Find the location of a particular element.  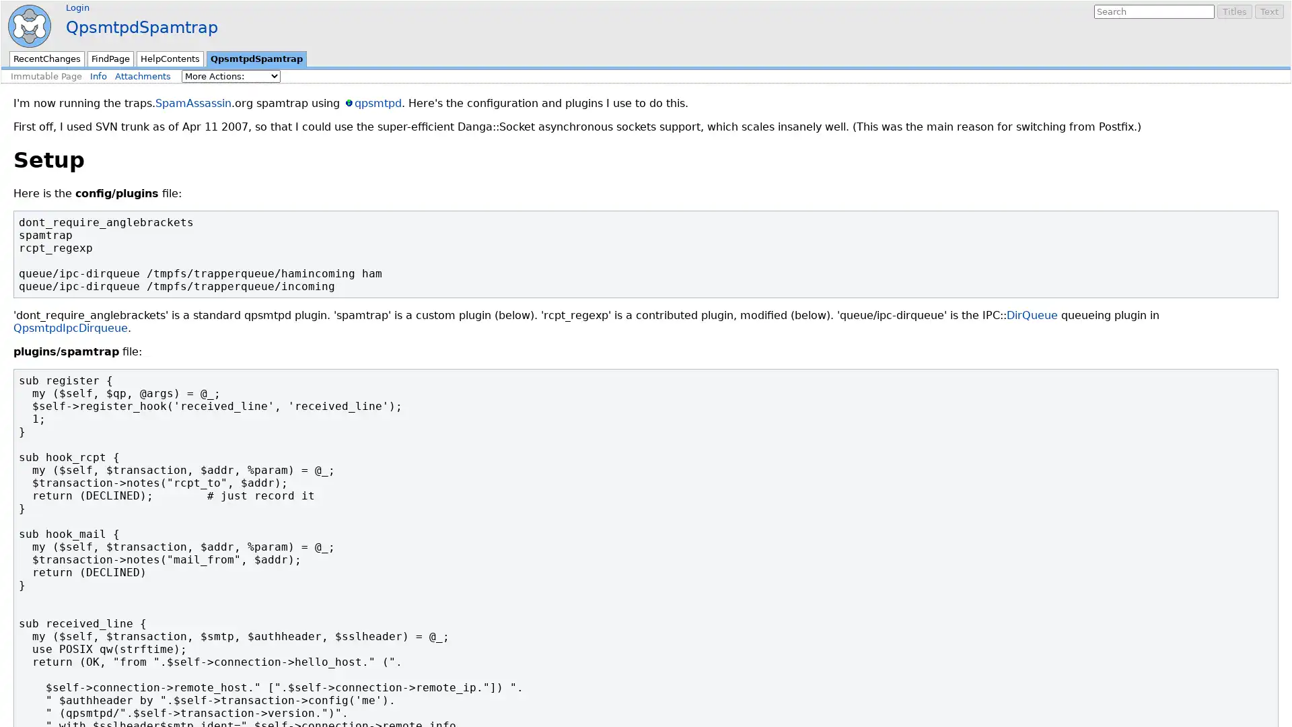

Titles is located at coordinates (1234, 11).